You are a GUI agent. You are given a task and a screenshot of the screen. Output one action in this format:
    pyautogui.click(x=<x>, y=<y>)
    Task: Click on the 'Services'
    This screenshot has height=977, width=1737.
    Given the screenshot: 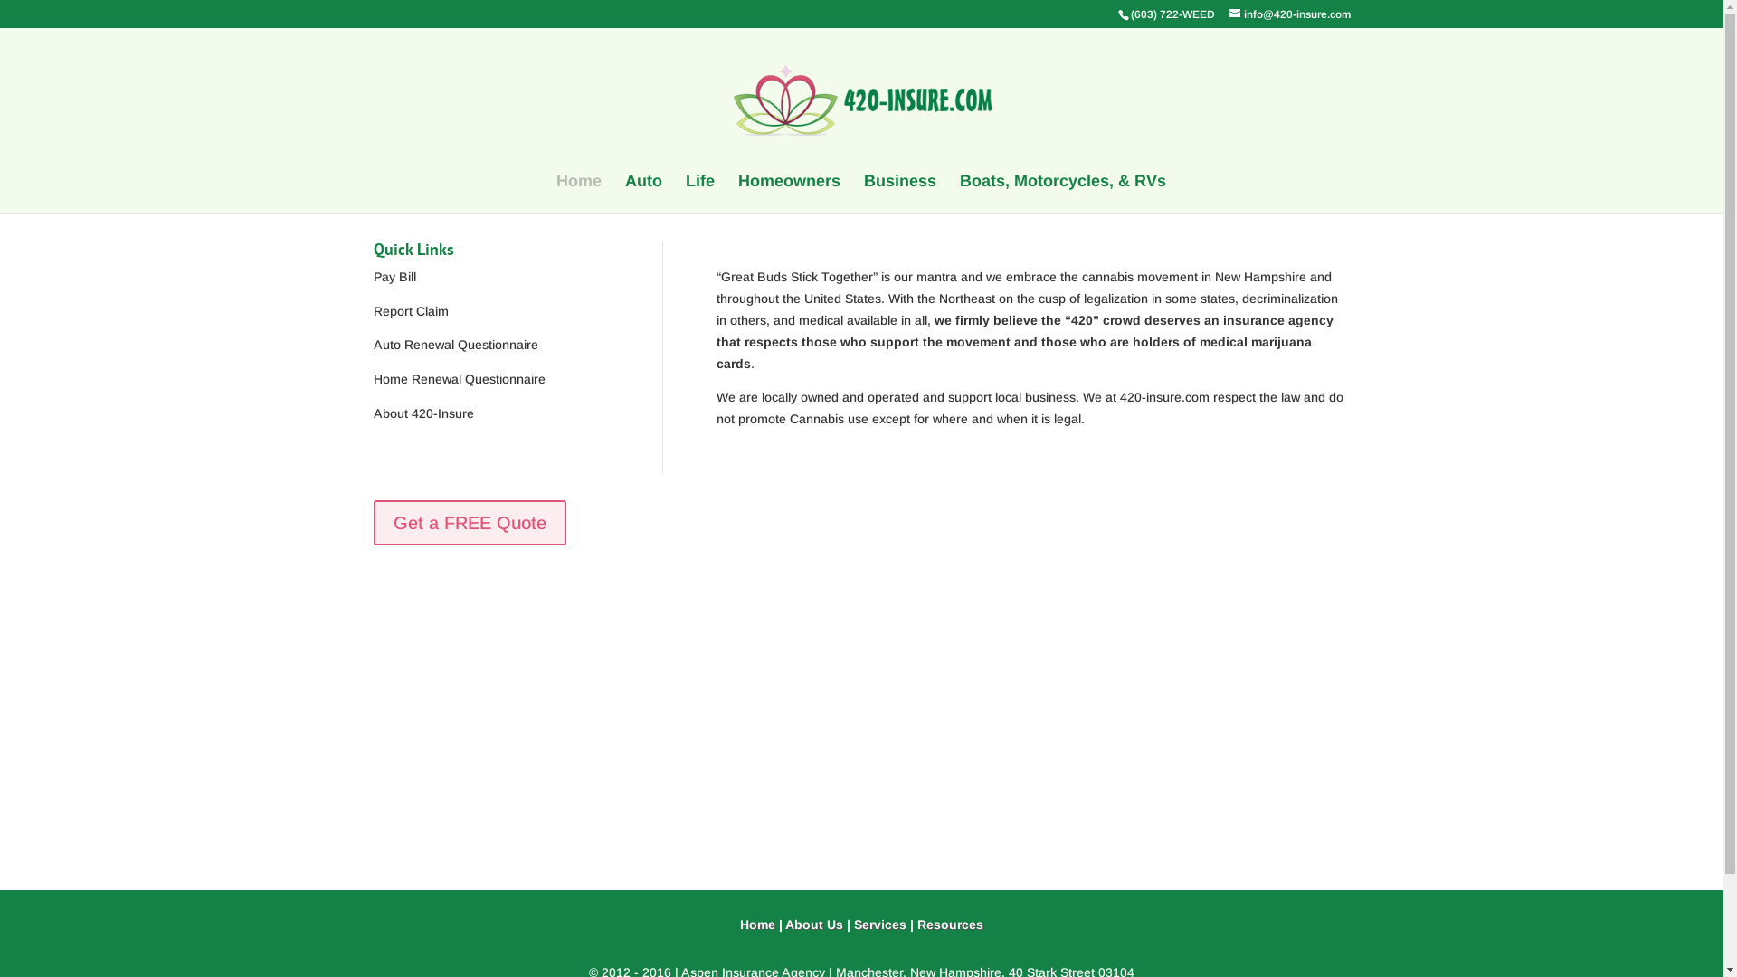 What is the action you would take?
    pyautogui.click(x=880, y=925)
    